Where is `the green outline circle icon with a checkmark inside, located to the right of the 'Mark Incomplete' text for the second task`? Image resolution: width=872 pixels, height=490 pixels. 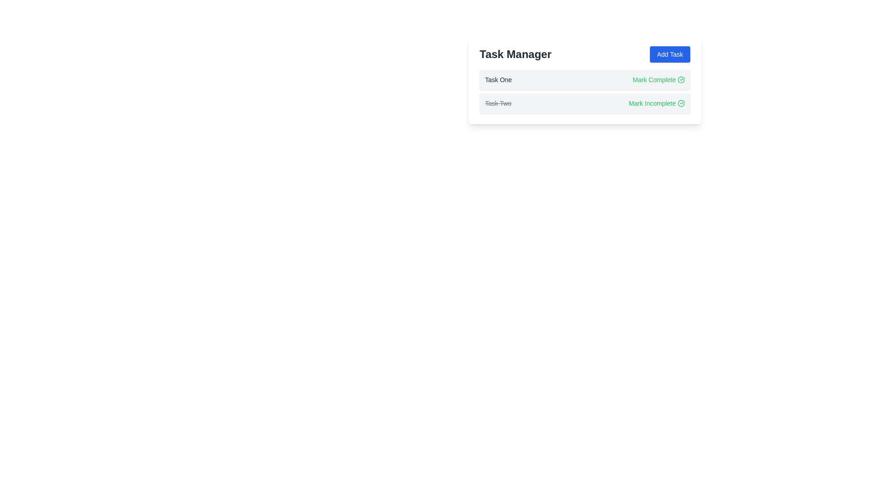 the green outline circle icon with a checkmark inside, located to the right of the 'Mark Incomplete' text for the second task is located at coordinates (681, 103).